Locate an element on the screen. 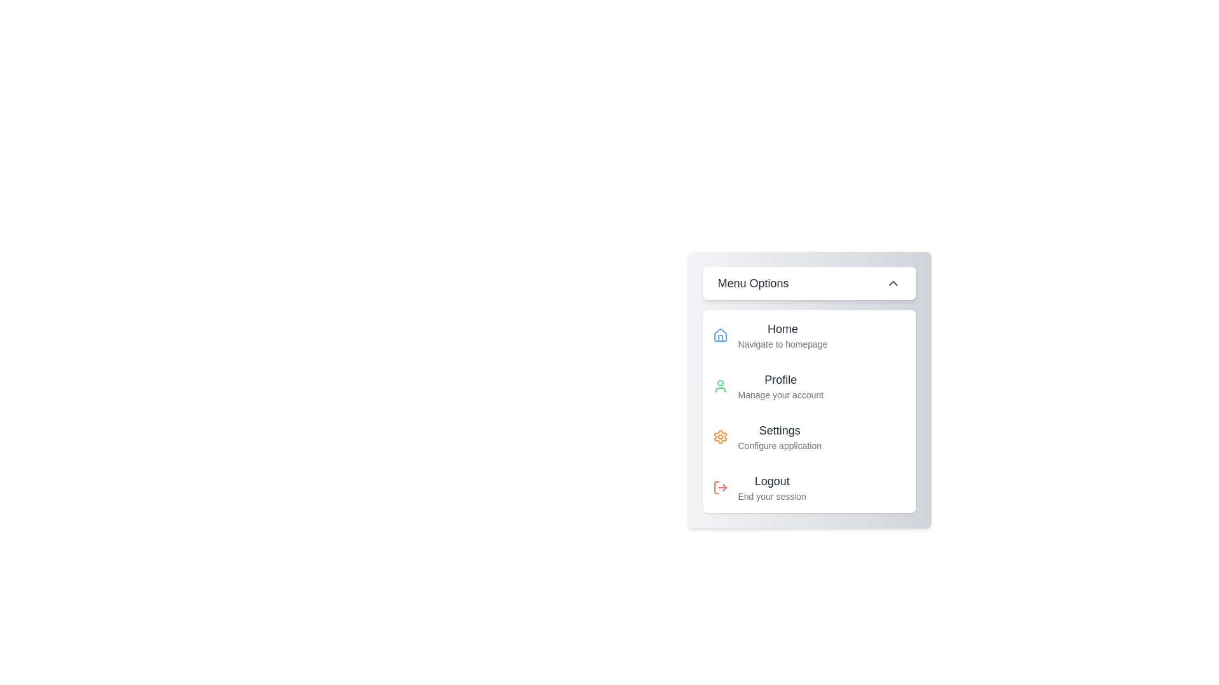  the second menu item in the vertical menu list for accessing user profile settings, located below 'Home' and above 'Settings' is located at coordinates (780, 386).